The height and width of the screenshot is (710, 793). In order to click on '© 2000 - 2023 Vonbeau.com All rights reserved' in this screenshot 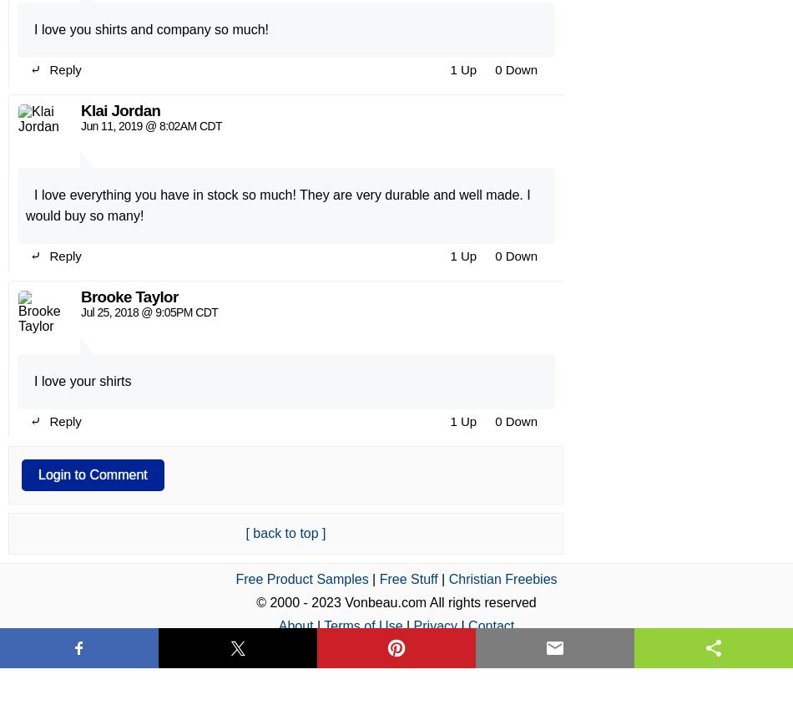, I will do `click(395, 184)`.